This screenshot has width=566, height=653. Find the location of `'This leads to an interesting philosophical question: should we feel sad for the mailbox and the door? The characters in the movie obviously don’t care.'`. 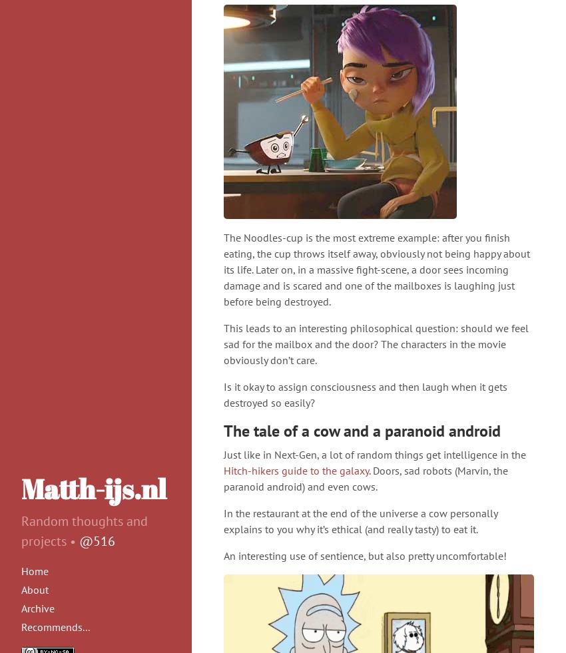

'This leads to an interesting philosophical question: should we feel sad for the mailbox and the door? The characters in the movie obviously don’t care.' is located at coordinates (376, 343).